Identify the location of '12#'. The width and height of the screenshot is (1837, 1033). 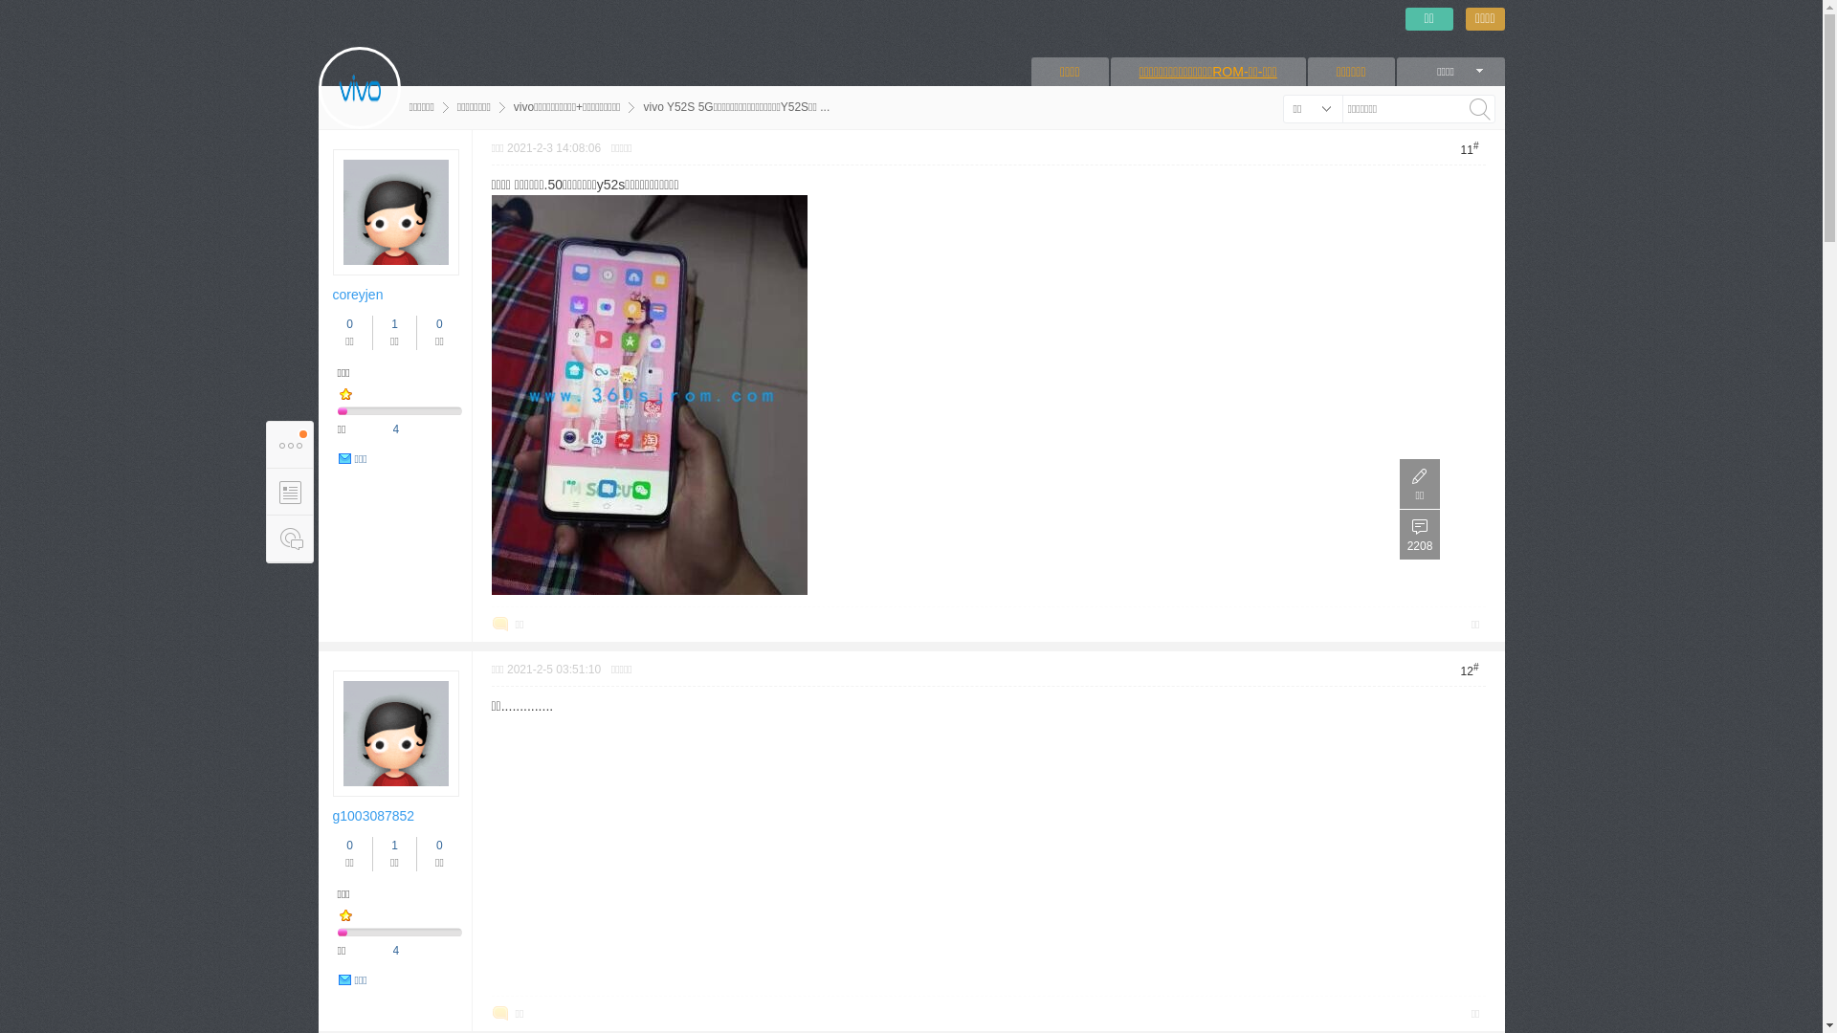
(1469, 669).